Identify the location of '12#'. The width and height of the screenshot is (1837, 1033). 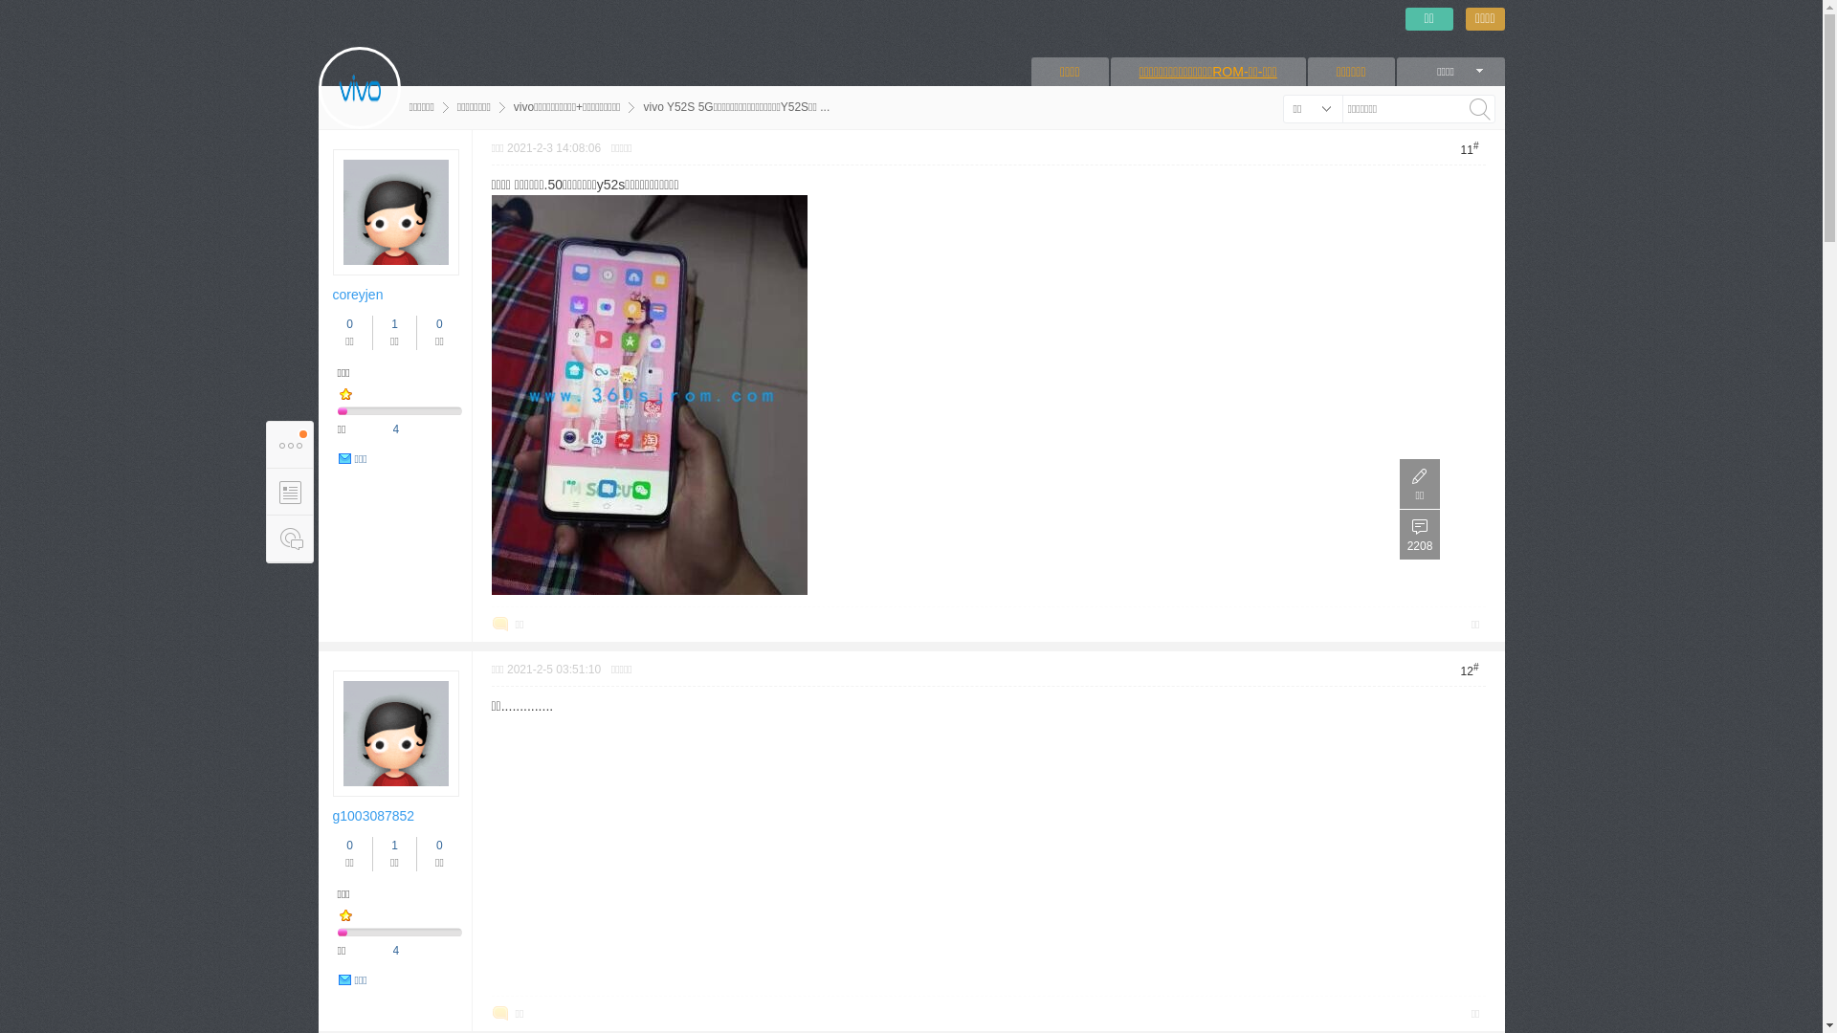
(1469, 669).